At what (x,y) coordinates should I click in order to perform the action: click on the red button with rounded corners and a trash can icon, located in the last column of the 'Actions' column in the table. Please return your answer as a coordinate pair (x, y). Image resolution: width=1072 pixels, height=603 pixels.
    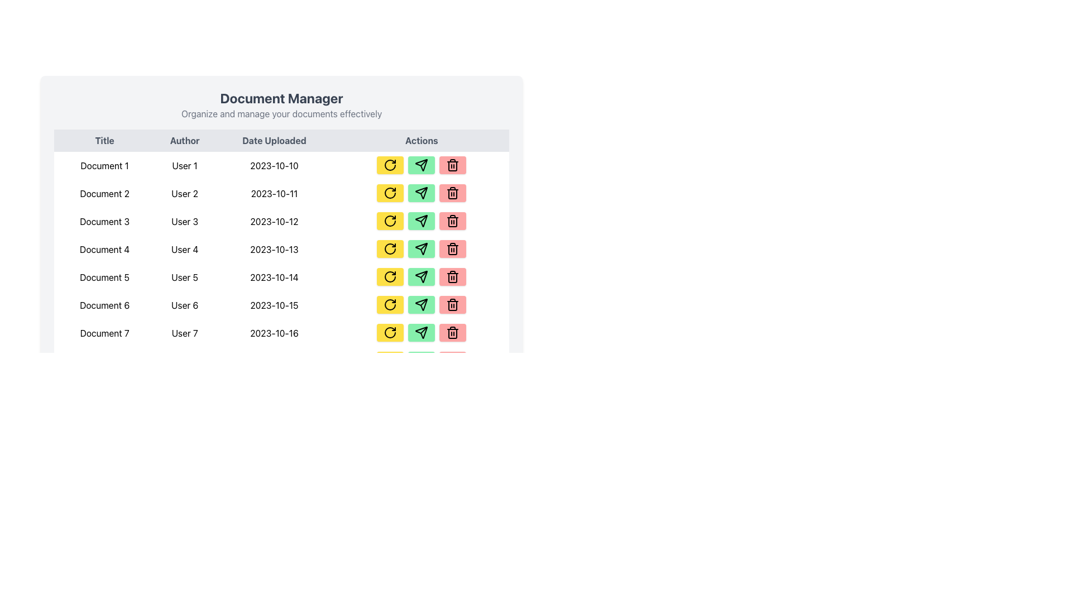
    Looking at the image, I should click on (453, 165).